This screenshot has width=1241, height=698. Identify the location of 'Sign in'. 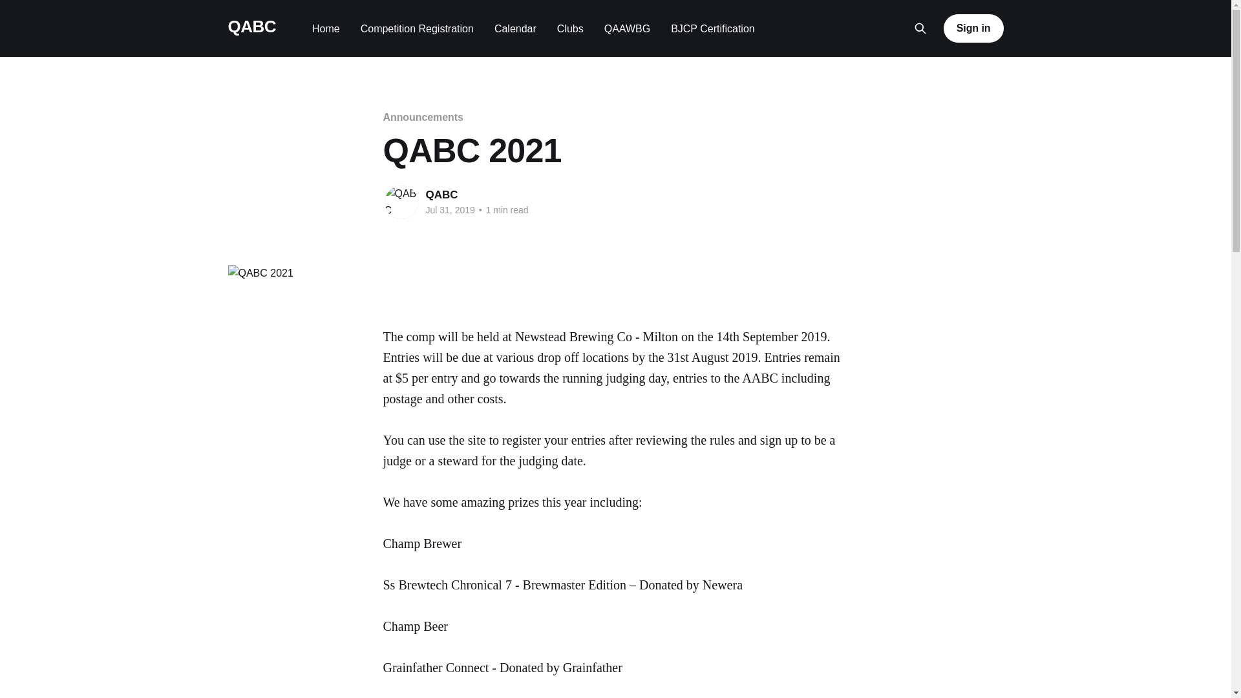
(973, 28).